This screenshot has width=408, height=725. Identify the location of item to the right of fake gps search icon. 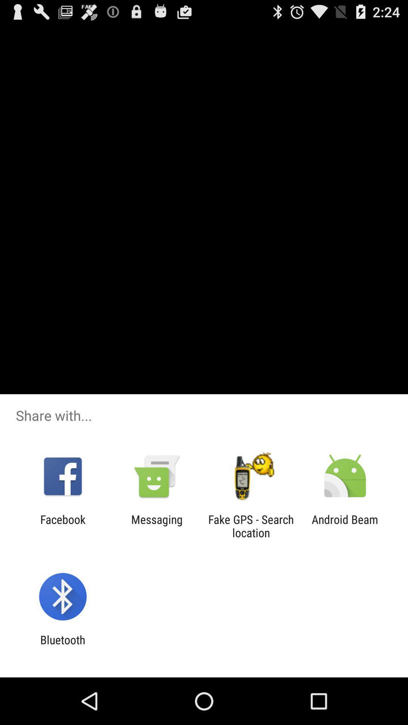
(345, 526).